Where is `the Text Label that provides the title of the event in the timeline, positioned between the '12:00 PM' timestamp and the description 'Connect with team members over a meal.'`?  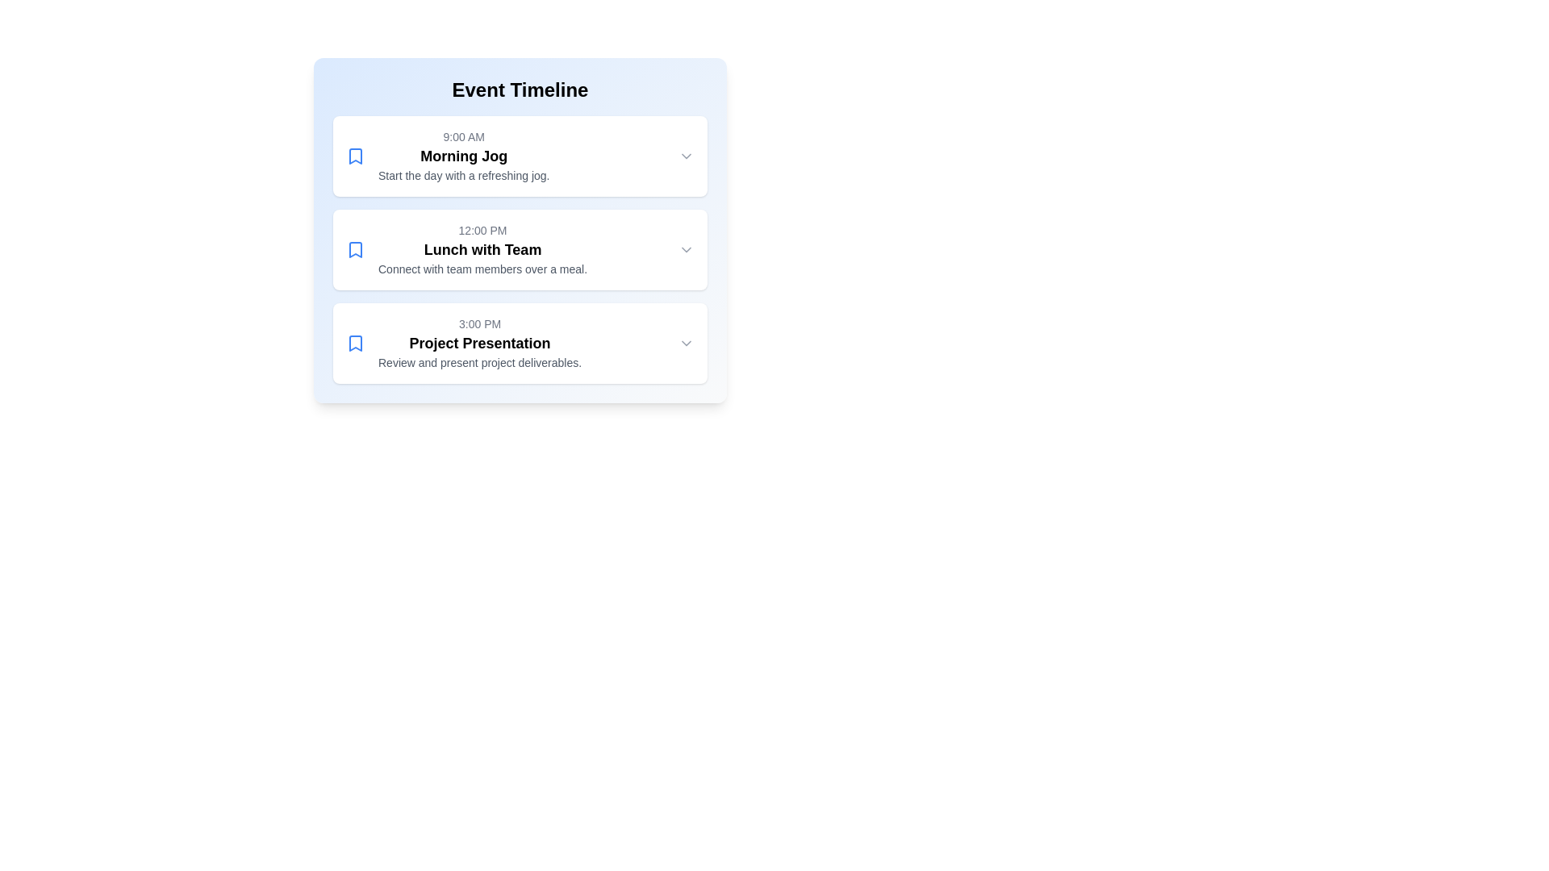
the Text Label that provides the title of the event in the timeline, positioned between the '12:00 PM' timestamp and the description 'Connect with team members over a meal.' is located at coordinates (482, 249).